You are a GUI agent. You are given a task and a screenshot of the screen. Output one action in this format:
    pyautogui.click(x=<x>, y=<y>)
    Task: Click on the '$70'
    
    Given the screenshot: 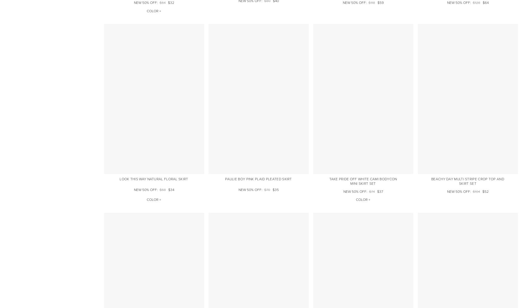 What is the action you would take?
    pyautogui.click(x=267, y=190)
    